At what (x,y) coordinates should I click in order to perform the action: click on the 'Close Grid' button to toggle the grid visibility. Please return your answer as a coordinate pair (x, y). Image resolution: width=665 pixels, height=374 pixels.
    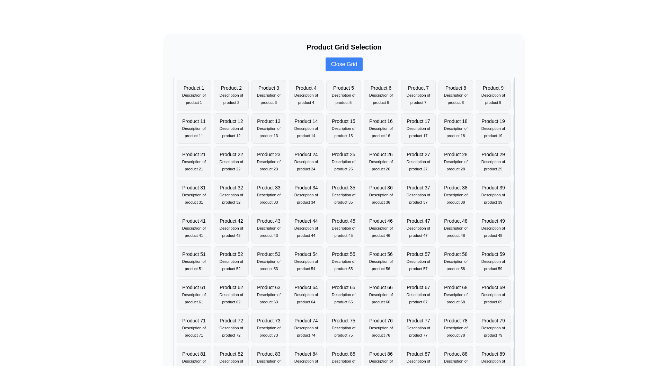
    Looking at the image, I should click on (344, 64).